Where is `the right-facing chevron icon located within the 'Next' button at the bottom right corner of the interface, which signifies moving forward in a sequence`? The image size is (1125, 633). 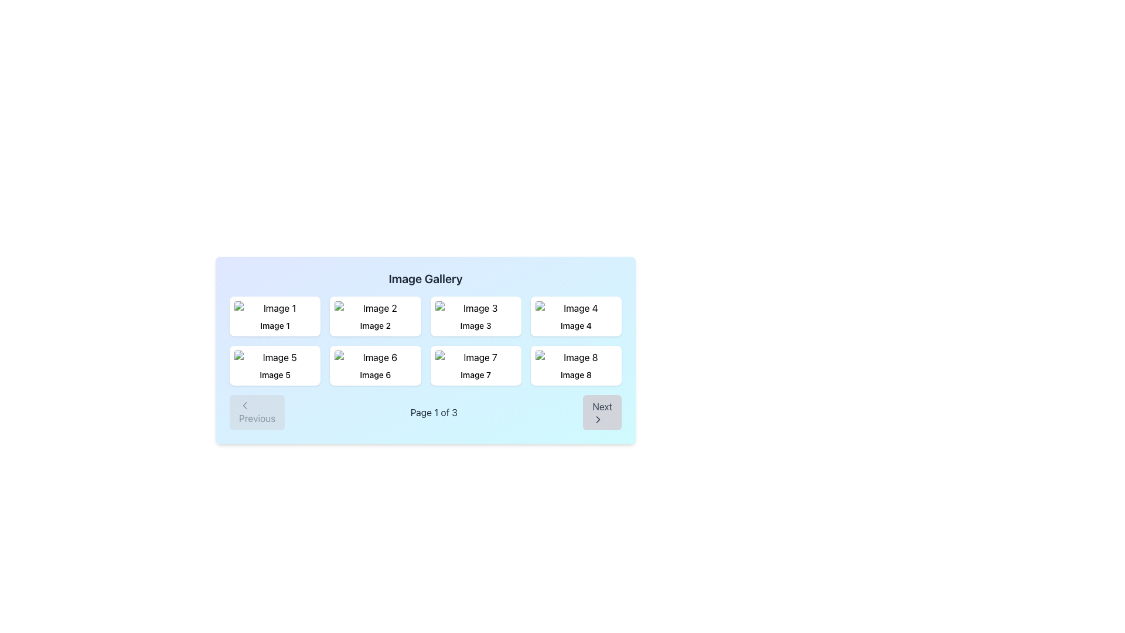 the right-facing chevron icon located within the 'Next' button at the bottom right corner of the interface, which signifies moving forward in a sequence is located at coordinates (598, 419).